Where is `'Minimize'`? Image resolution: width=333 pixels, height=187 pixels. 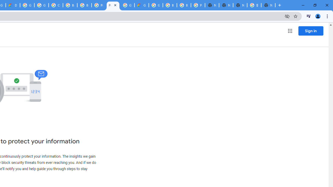
'Minimize' is located at coordinates (303, 5).